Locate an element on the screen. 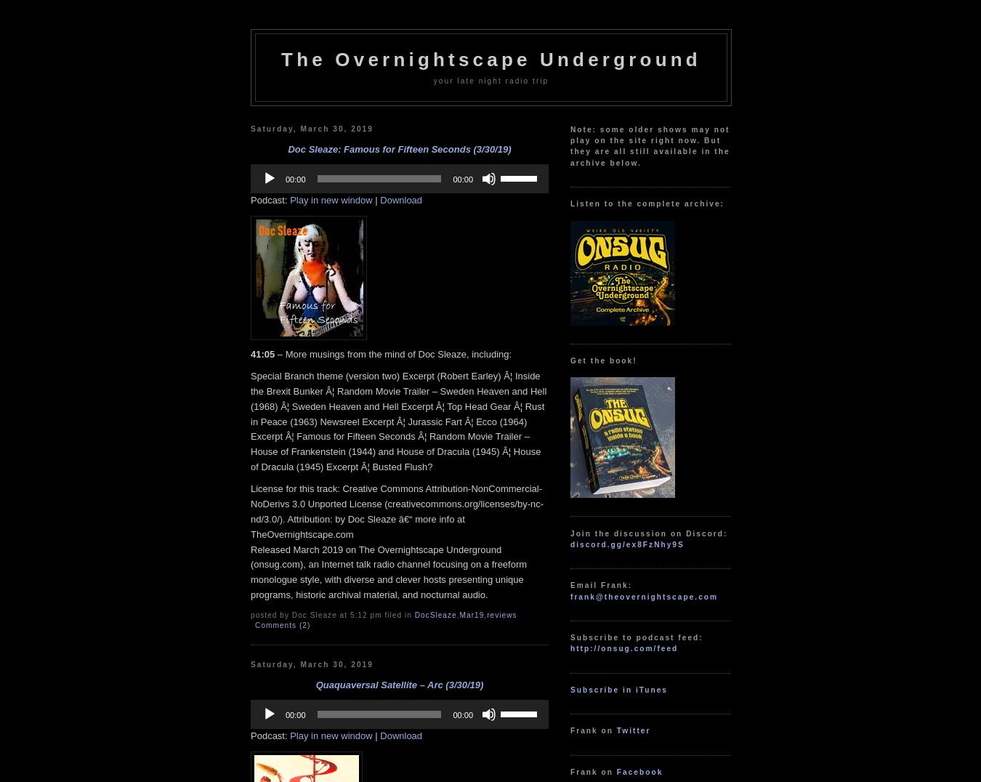 The width and height of the screenshot is (981, 782). 'Twitter' is located at coordinates (633, 730).